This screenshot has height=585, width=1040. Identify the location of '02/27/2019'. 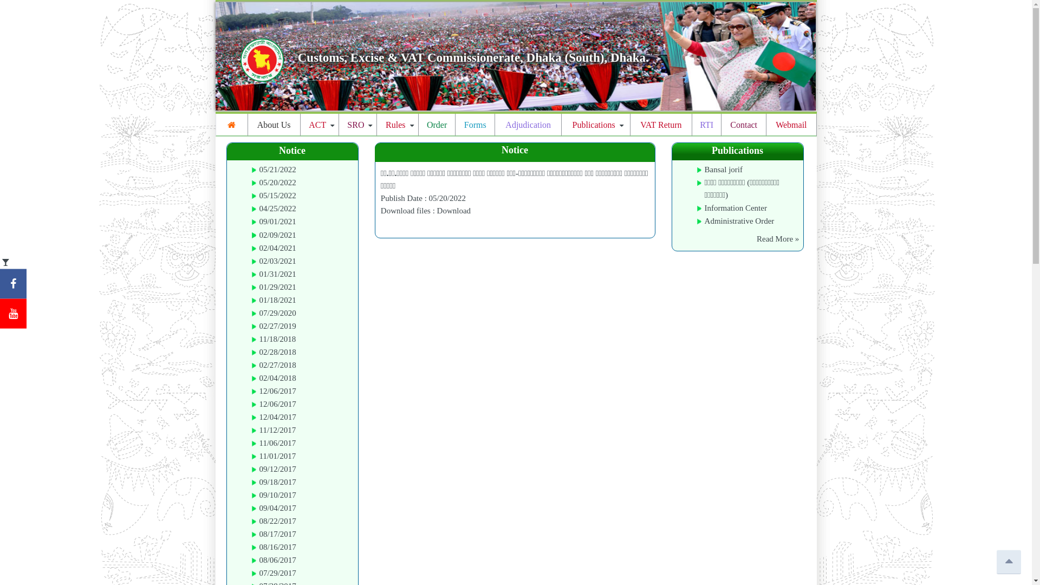
(277, 325).